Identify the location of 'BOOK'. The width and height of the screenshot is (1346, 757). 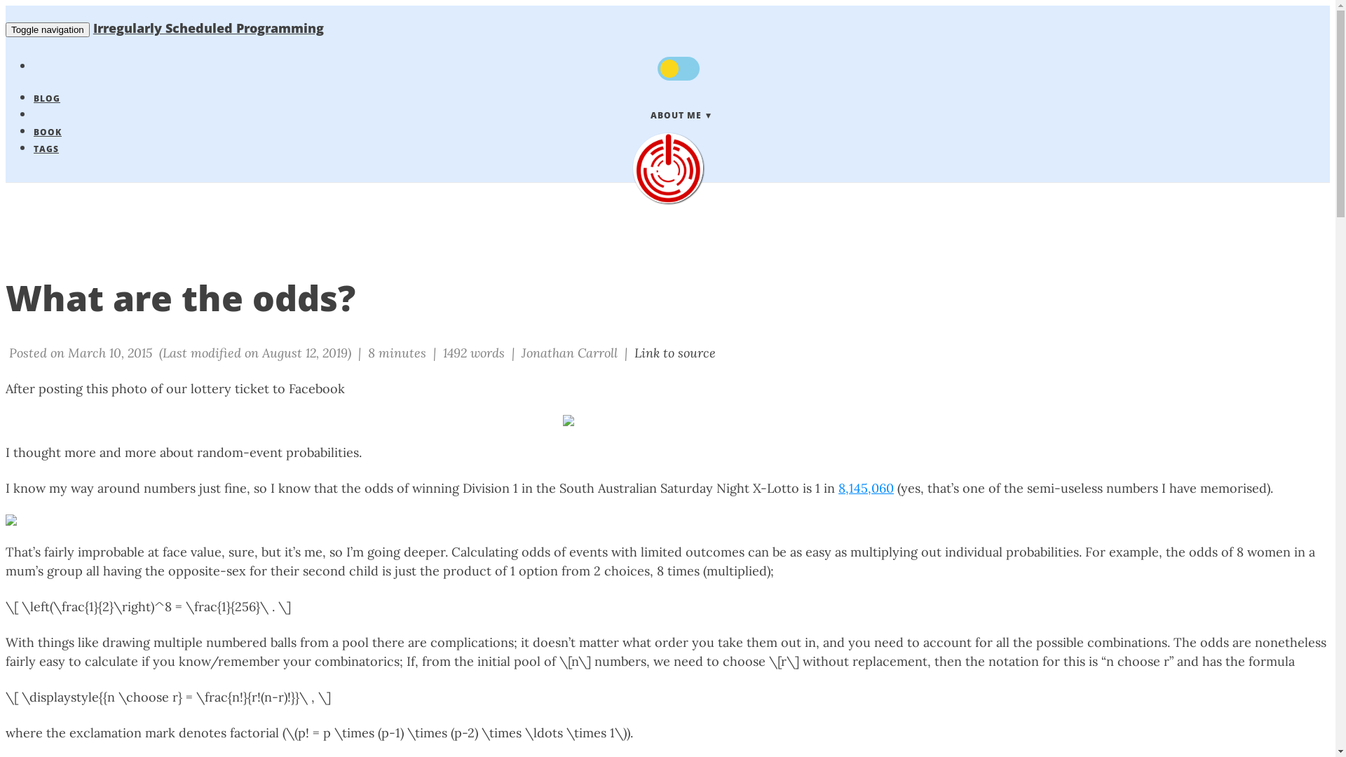
(47, 132).